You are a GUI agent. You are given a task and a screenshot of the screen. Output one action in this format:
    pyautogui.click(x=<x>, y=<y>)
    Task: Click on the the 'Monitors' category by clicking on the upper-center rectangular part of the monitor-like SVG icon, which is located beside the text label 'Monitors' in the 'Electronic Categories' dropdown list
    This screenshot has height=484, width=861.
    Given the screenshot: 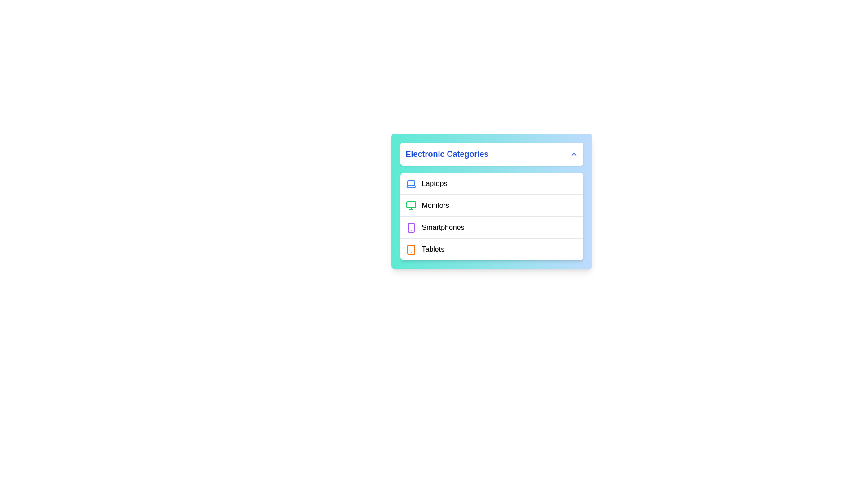 What is the action you would take?
    pyautogui.click(x=410, y=204)
    